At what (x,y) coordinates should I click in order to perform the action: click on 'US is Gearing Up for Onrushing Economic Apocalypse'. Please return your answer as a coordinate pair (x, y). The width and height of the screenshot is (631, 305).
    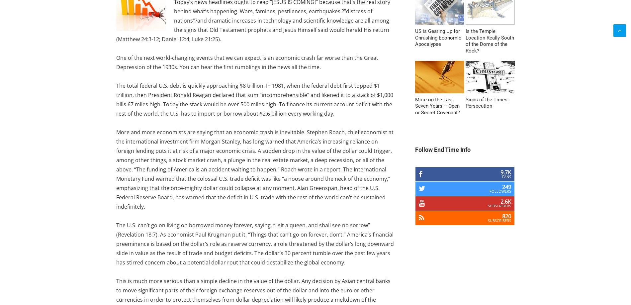
    Looking at the image, I should click on (438, 37).